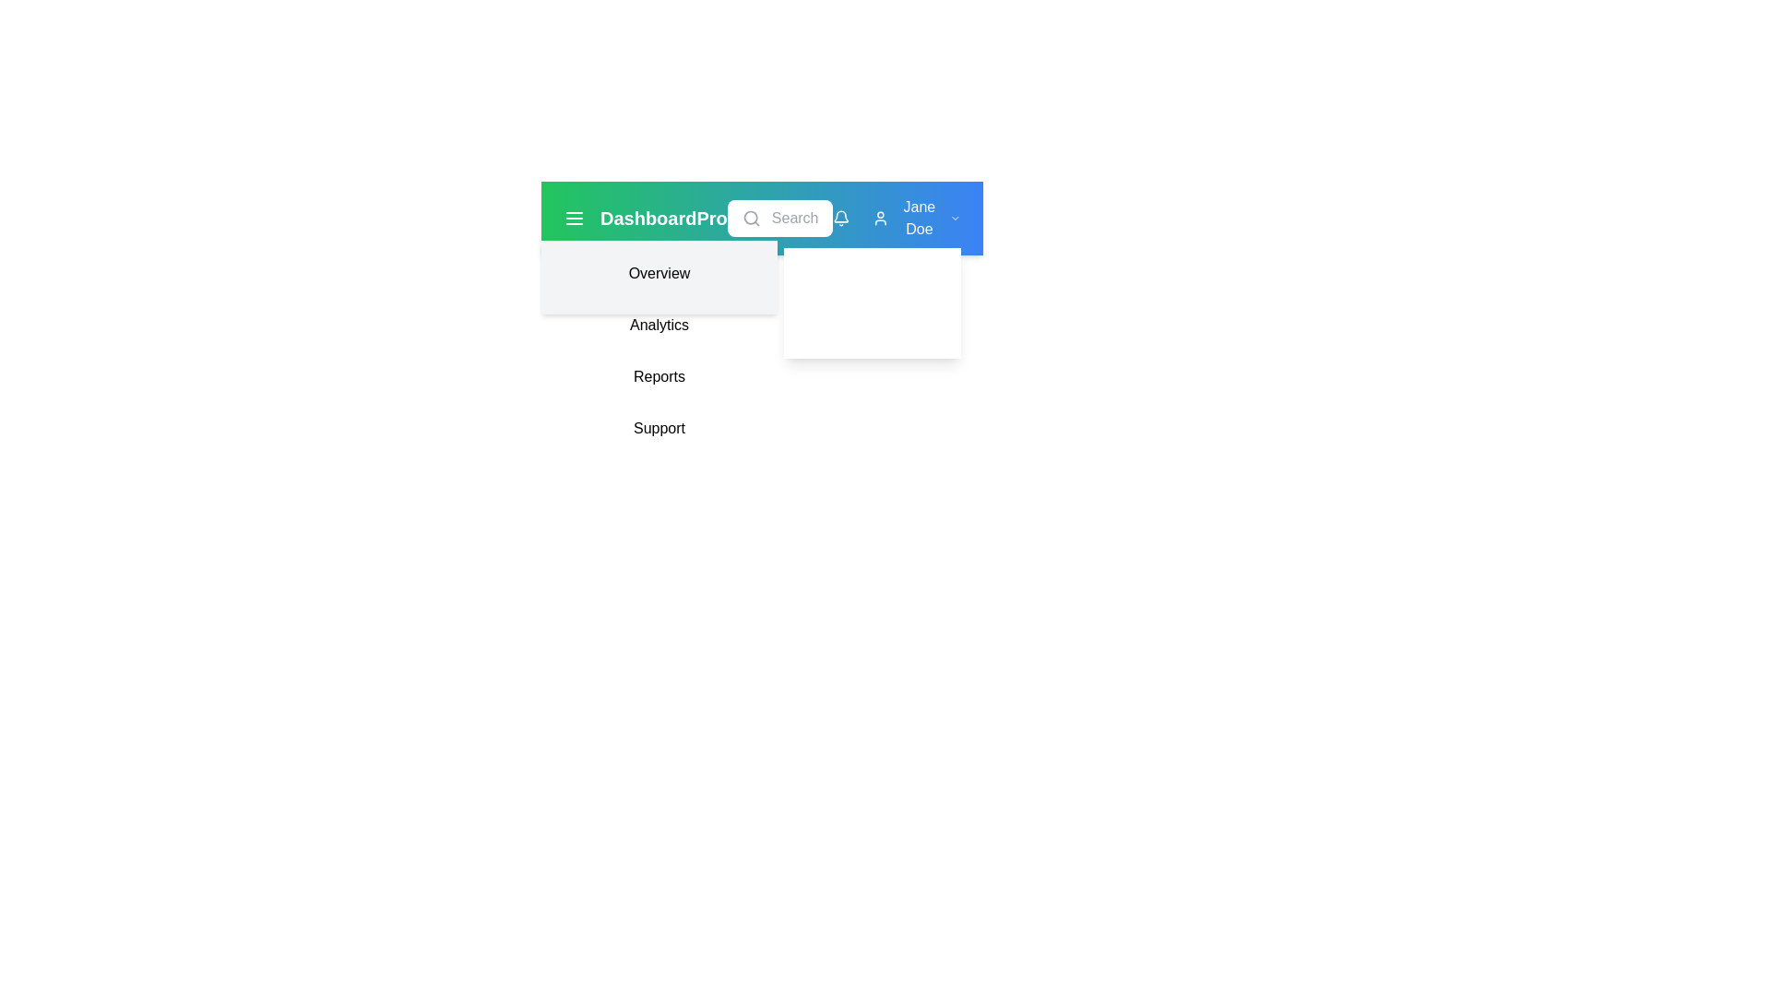  I want to click on the 'Overview' button, so click(660, 277).